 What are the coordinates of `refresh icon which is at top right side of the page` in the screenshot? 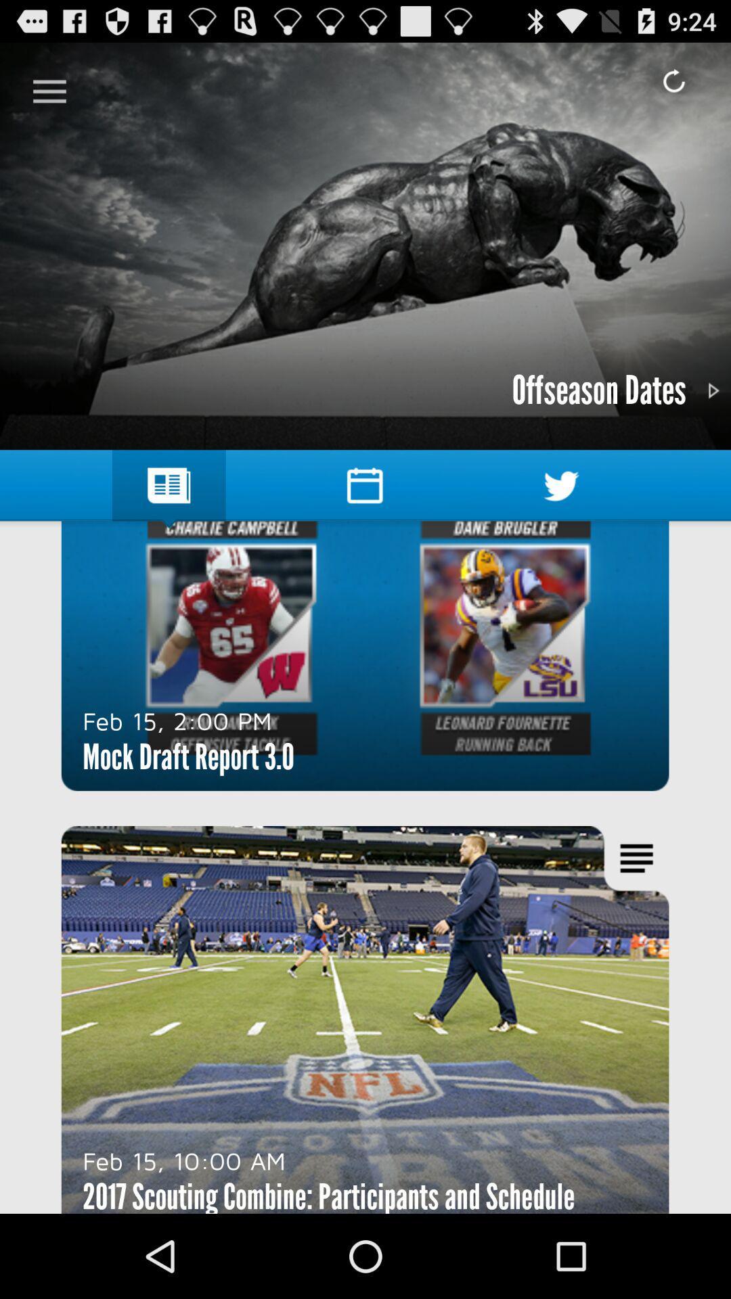 It's located at (673, 81).